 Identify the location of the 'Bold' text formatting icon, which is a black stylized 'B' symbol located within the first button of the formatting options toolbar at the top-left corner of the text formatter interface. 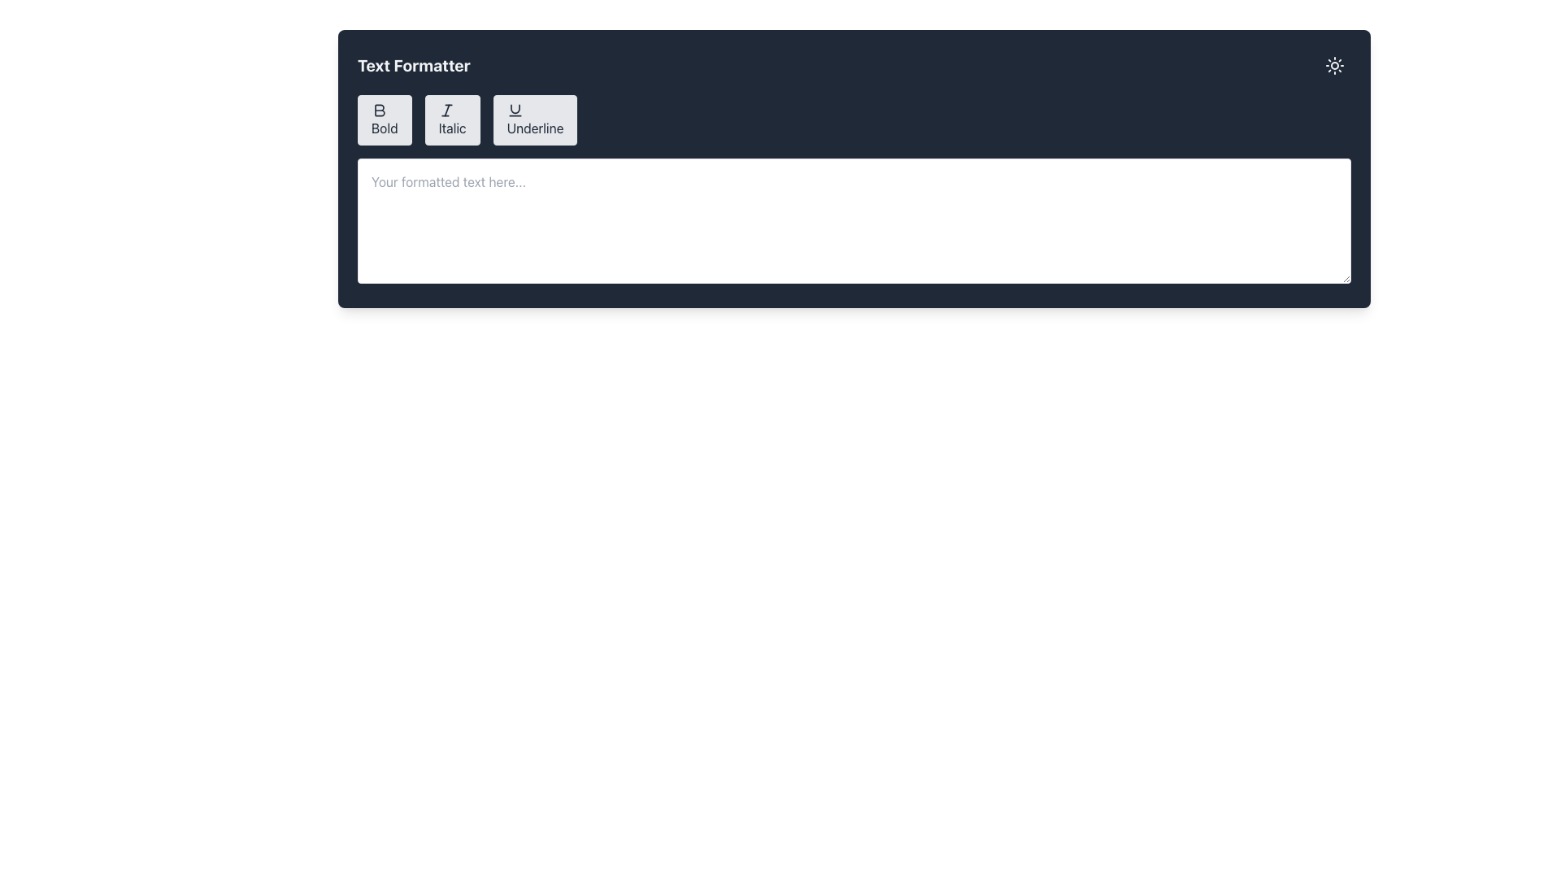
(378, 110).